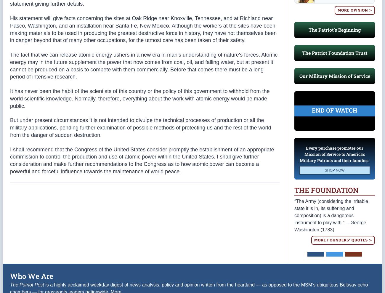 Image resolution: width=385 pixels, height=293 pixels. I want to click on 'It has never been the habit of the scientists of this country or the policy of this government to withhold from the world scientific knowledge. Normally, therefore, everything about the work with atomic energy would be made public.', so click(139, 98).